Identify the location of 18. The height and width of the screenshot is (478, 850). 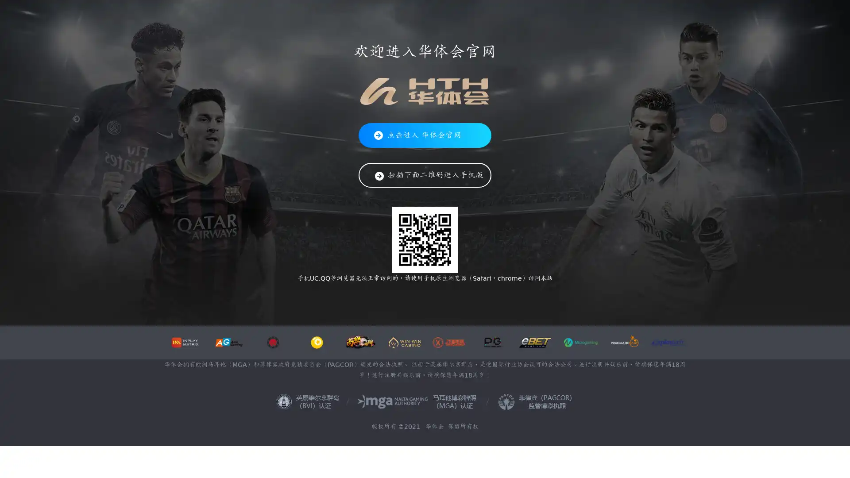
(523, 295).